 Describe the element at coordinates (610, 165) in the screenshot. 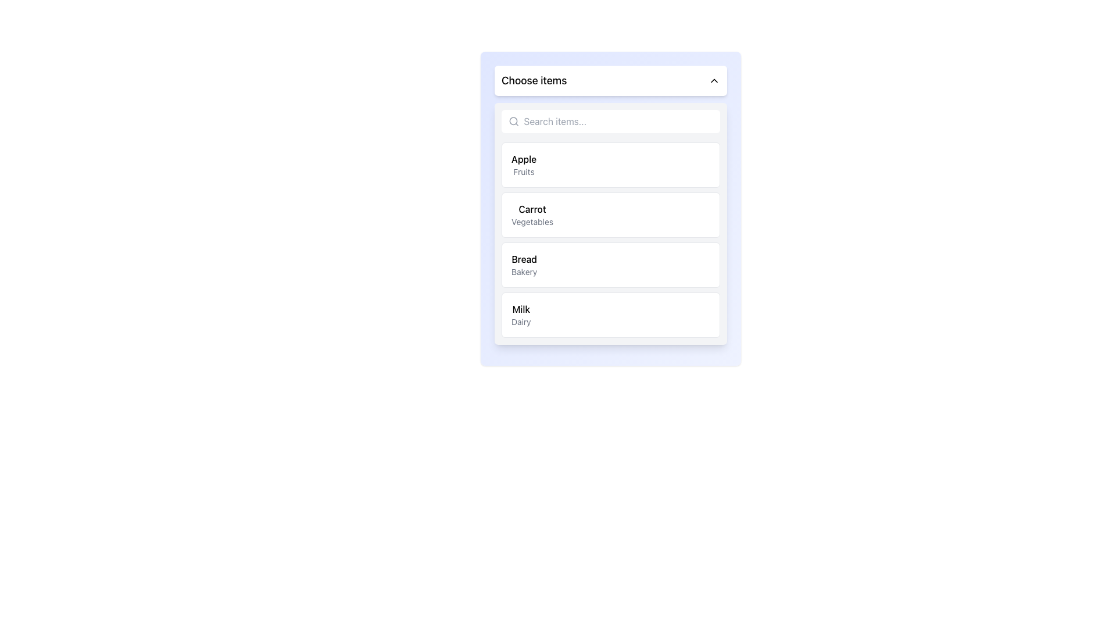

I see `the 'Apple' selectable card located at the top left of the 'Choose items' dropdown list` at that location.